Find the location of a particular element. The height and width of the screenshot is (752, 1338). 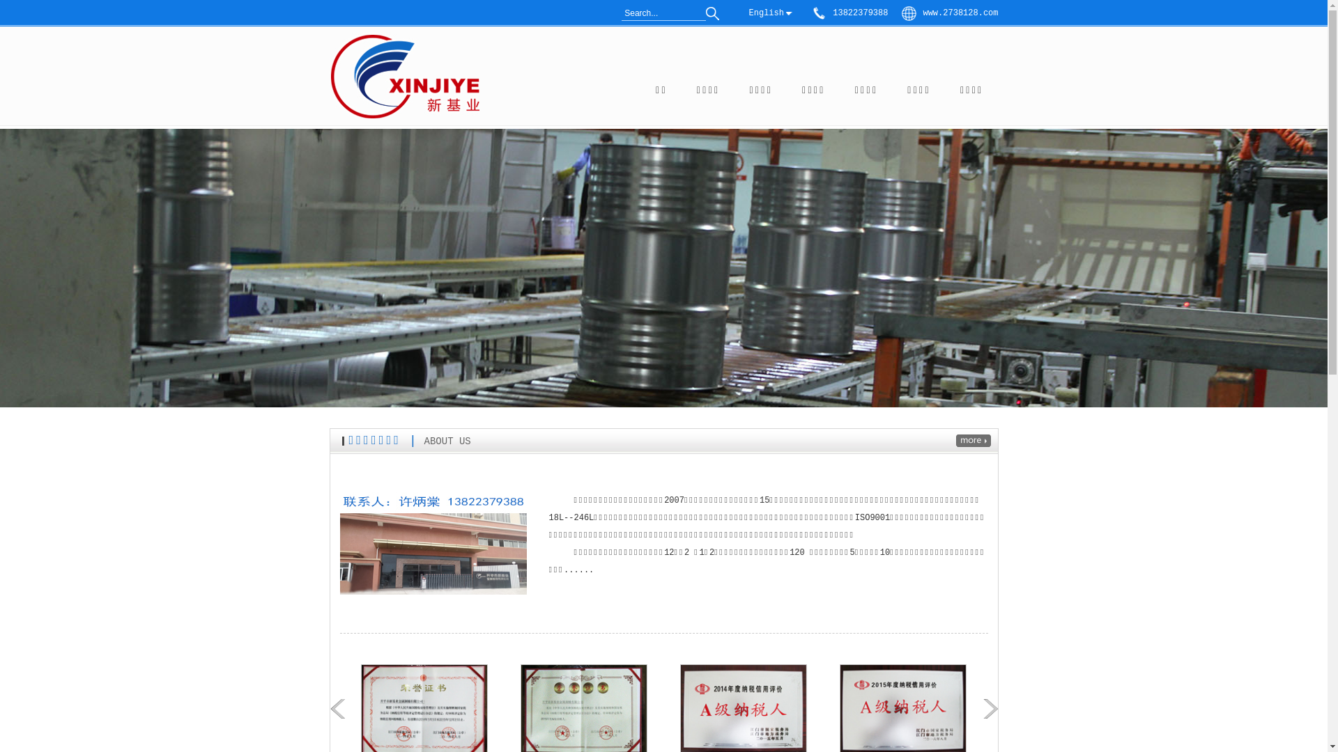

'English' is located at coordinates (765, 13).